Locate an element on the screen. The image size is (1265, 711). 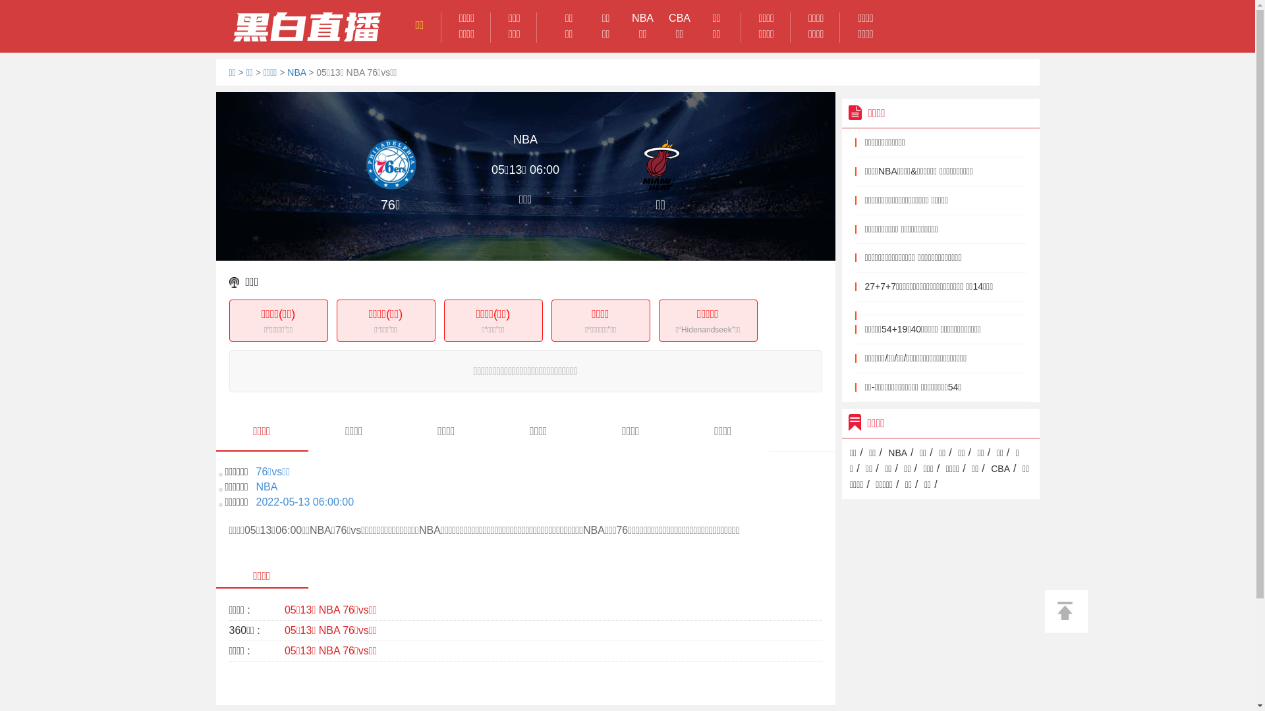
'CBA' is located at coordinates (1000, 468).